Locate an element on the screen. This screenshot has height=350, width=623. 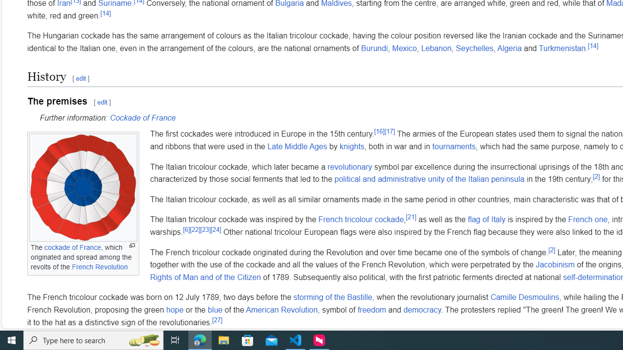
'Jacobinism' is located at coordinates (555, 264).